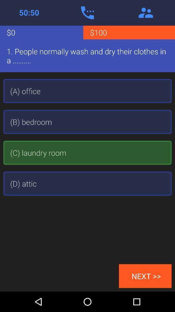 This screenshot has height=312, width=175. Describe the element at coordinates (145, 276) in the screenshot. I see `next >>   item` at that location.